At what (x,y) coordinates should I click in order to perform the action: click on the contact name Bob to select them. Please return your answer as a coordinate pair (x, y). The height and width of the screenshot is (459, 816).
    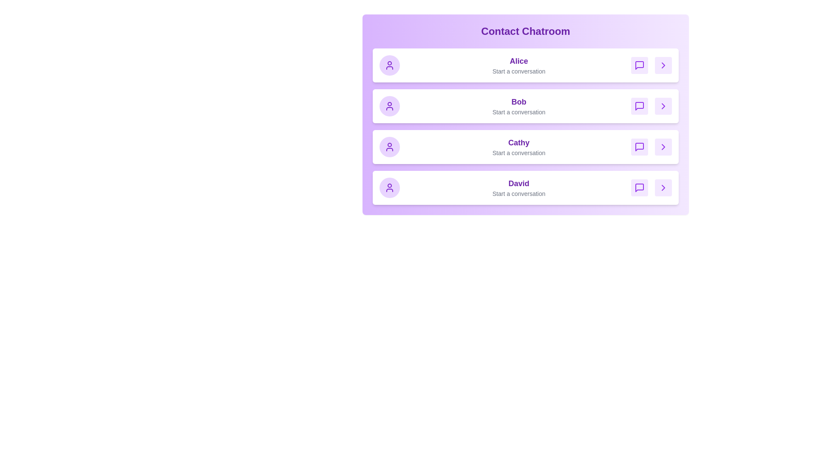
    Looking at the image, I should click on (518, 101).